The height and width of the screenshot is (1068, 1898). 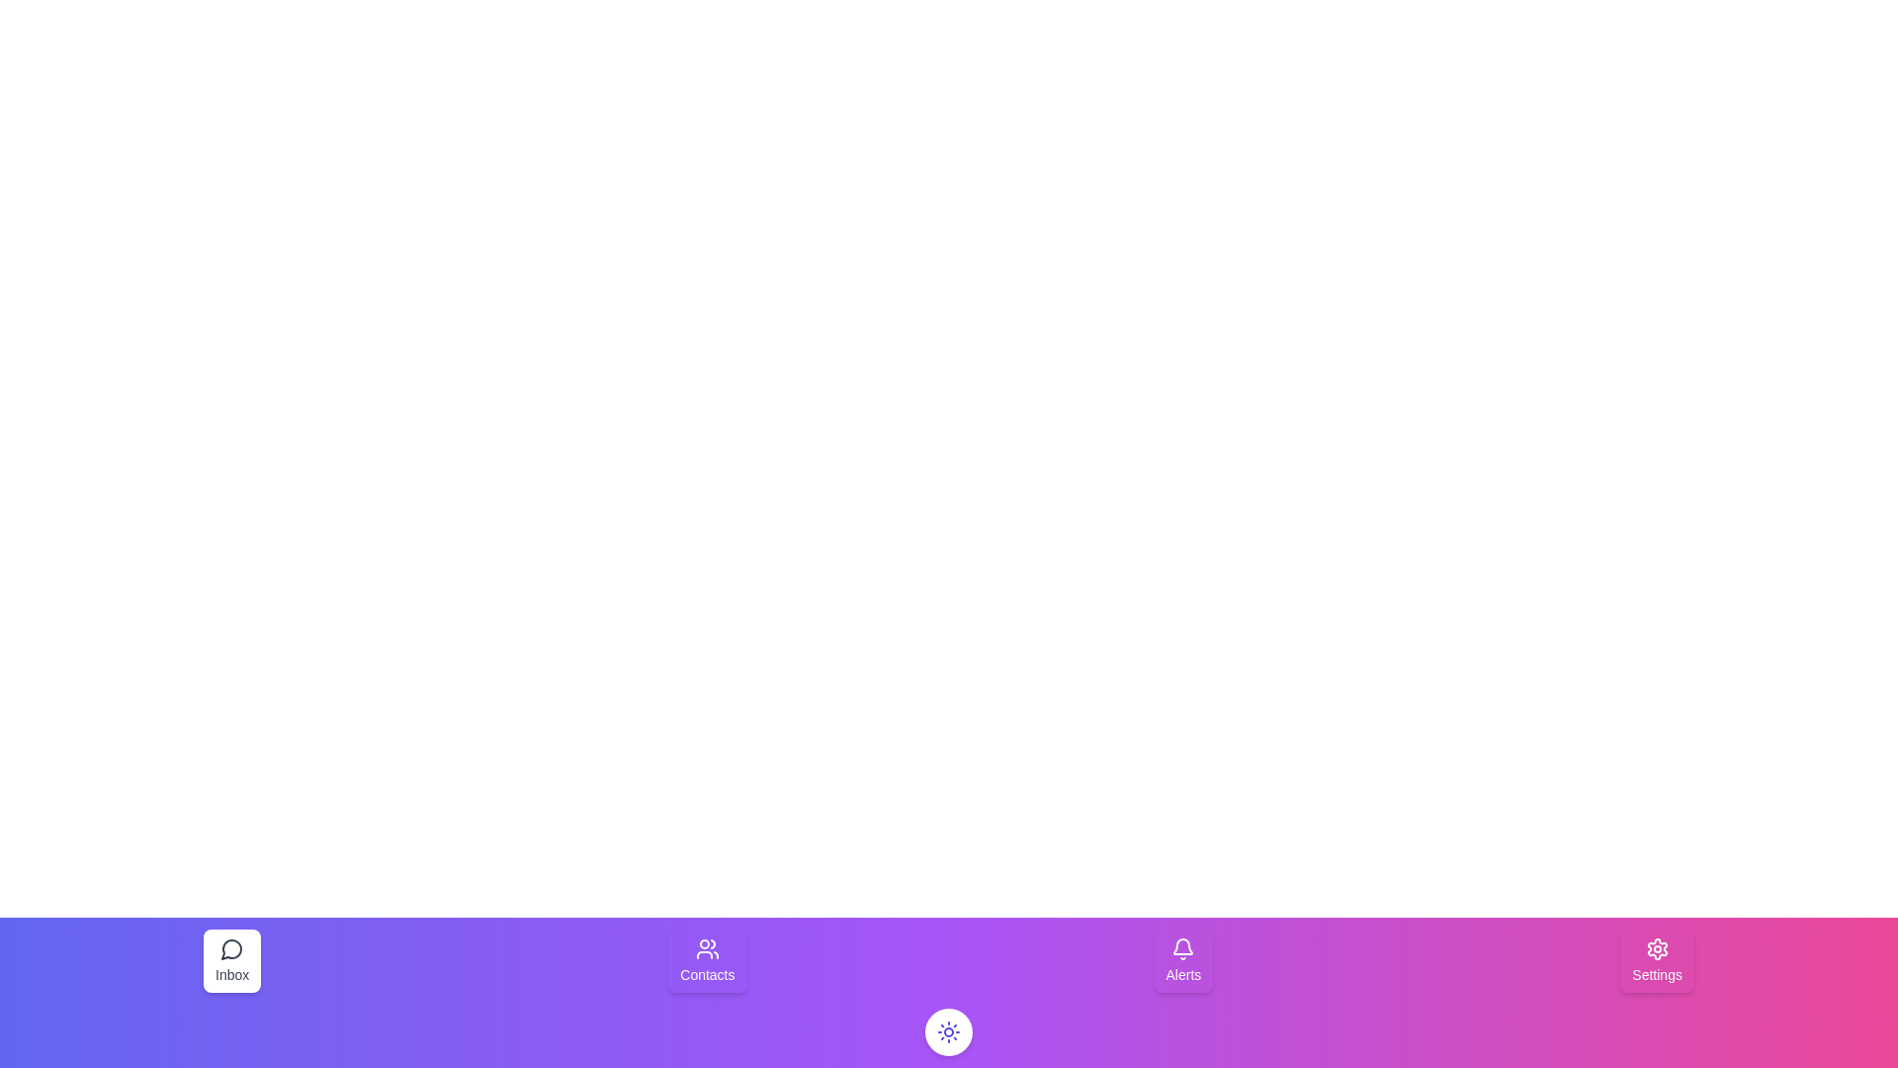 What do you see at coordinates (232, 960) in the screenshot?
I see `the button labeled Inbox to observe its visual feedback` at bounding box center [232, 960].